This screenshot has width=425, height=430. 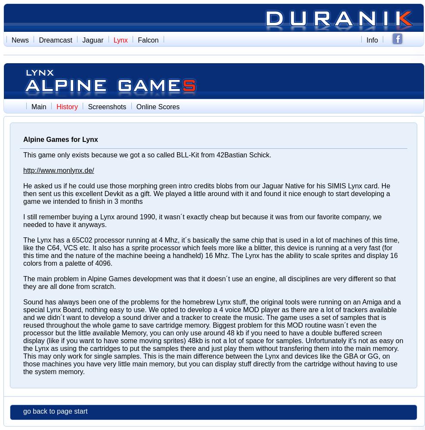 I want to click on 'Info', so click(x=372, y=39).